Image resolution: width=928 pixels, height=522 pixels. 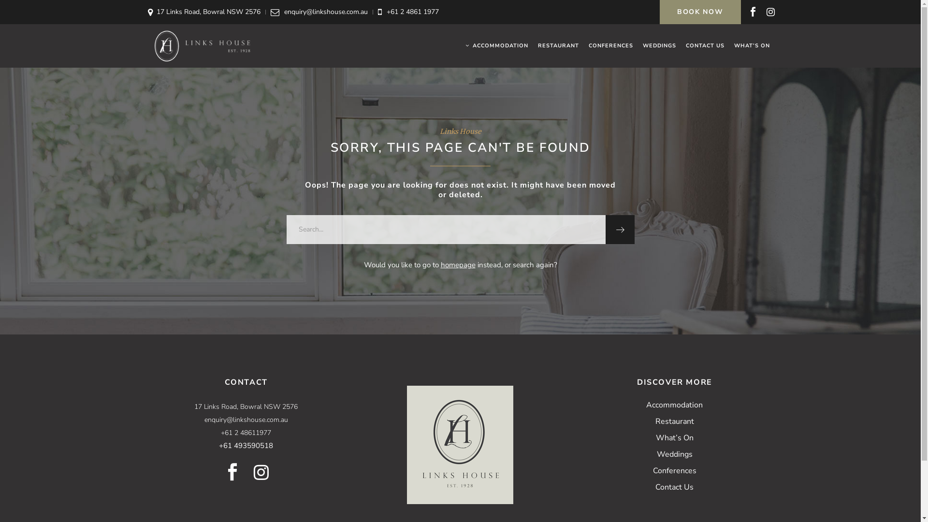 I want to click on 'Restaurant', so click(x=674, y=420).